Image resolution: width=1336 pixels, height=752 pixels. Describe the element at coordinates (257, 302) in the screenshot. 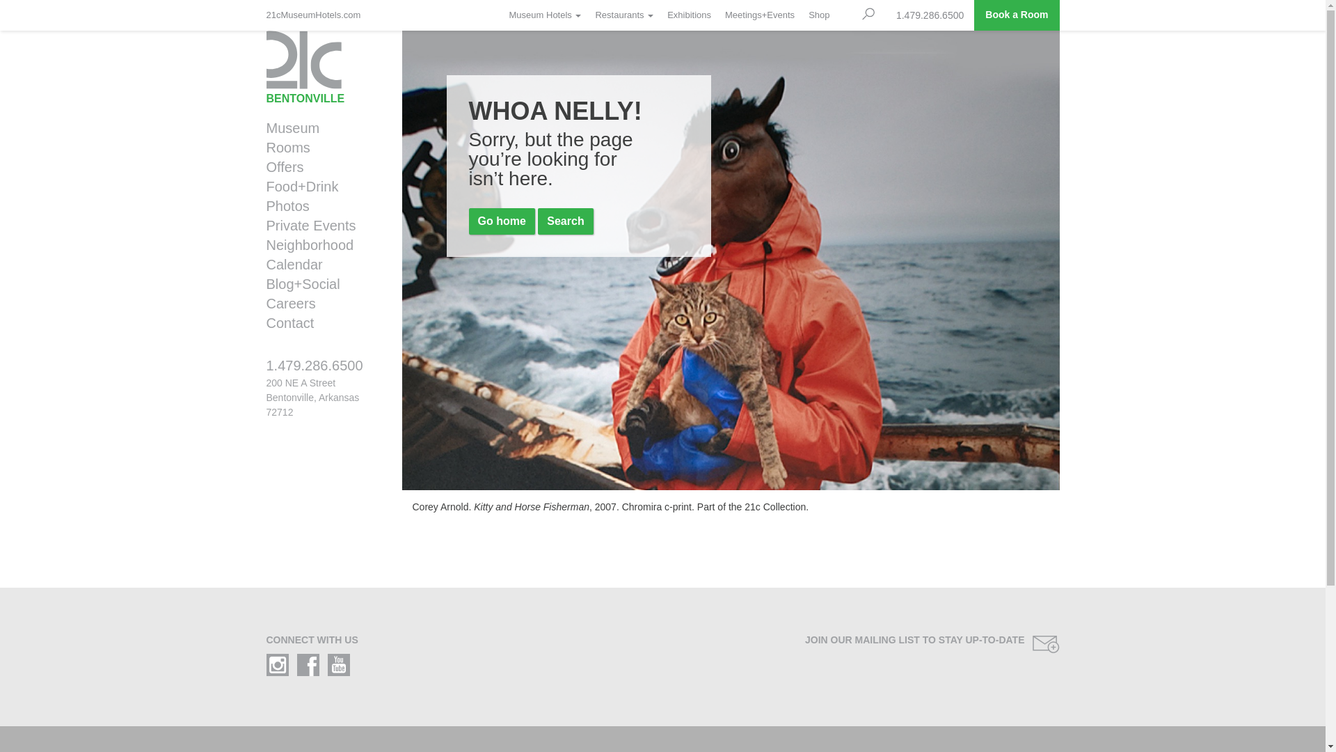

I see `'Careers'` at that location.